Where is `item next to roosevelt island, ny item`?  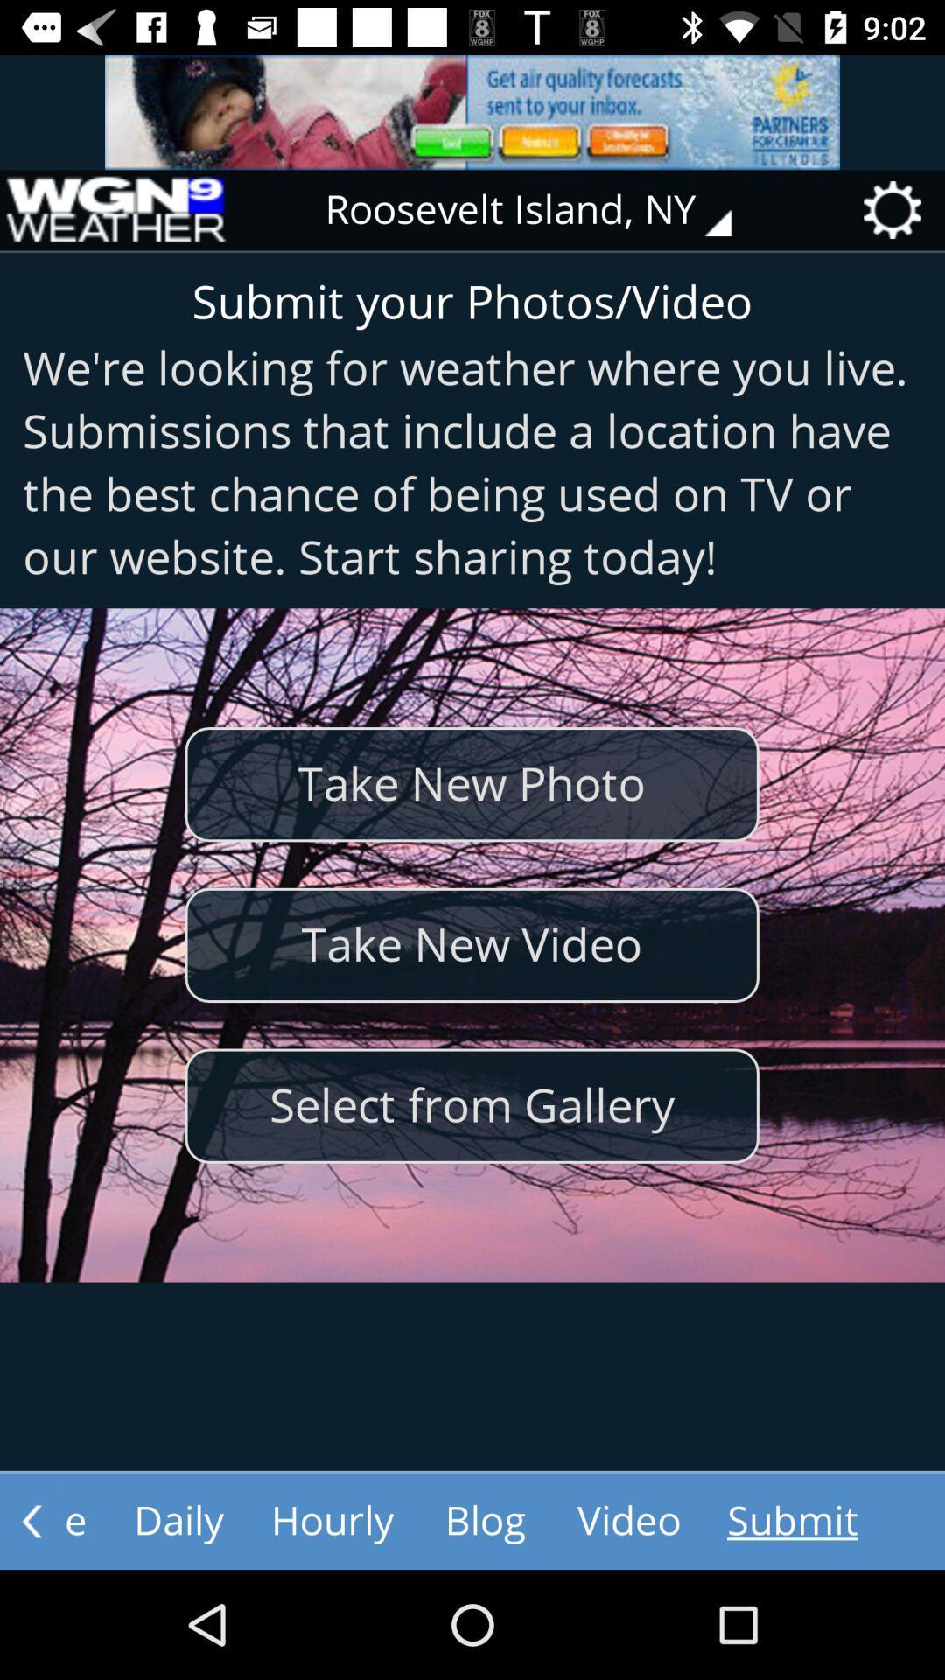
item next to roosevelt island, ny item is located at coordinates (115, 210).